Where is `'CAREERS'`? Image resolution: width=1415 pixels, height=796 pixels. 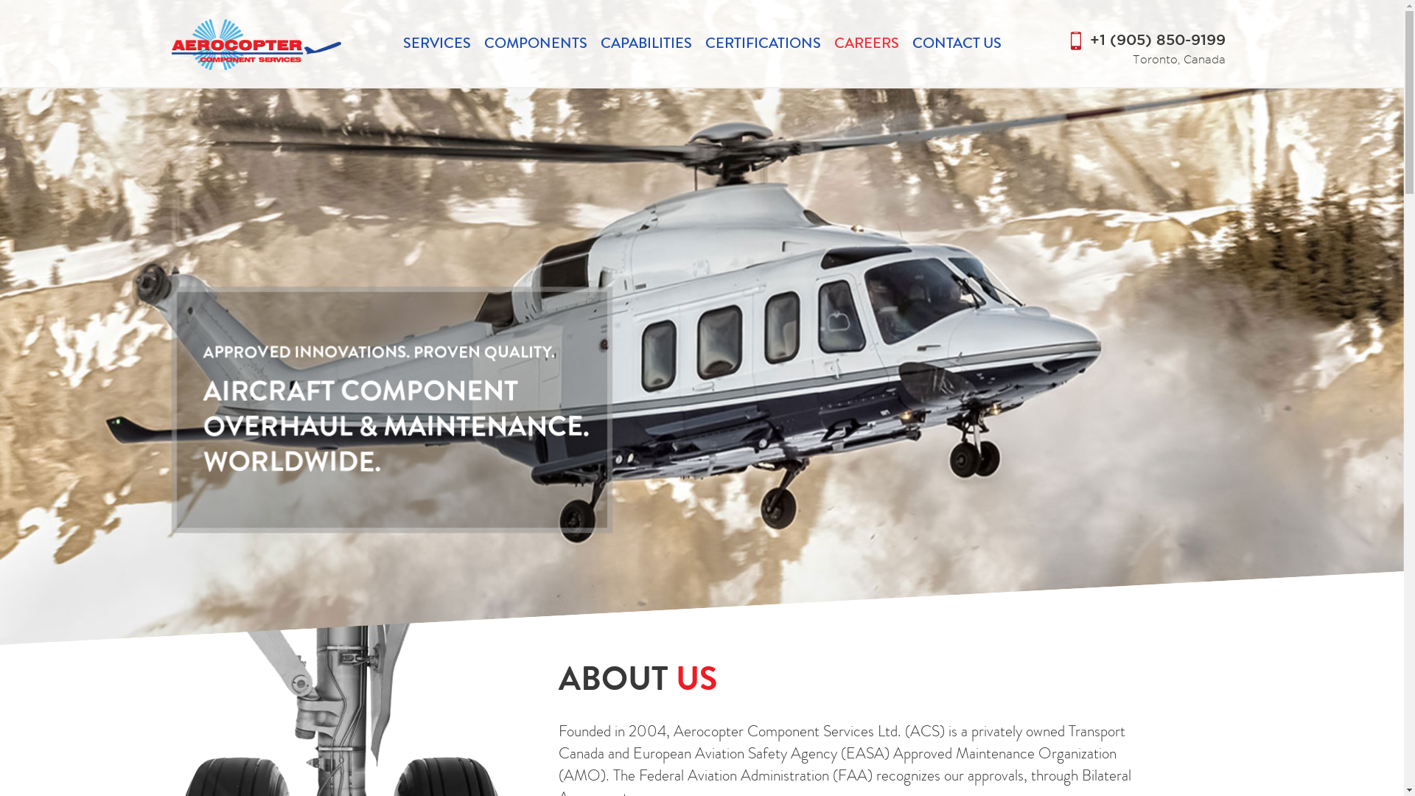
'CAREERS' is located at coordinates (867, 42).